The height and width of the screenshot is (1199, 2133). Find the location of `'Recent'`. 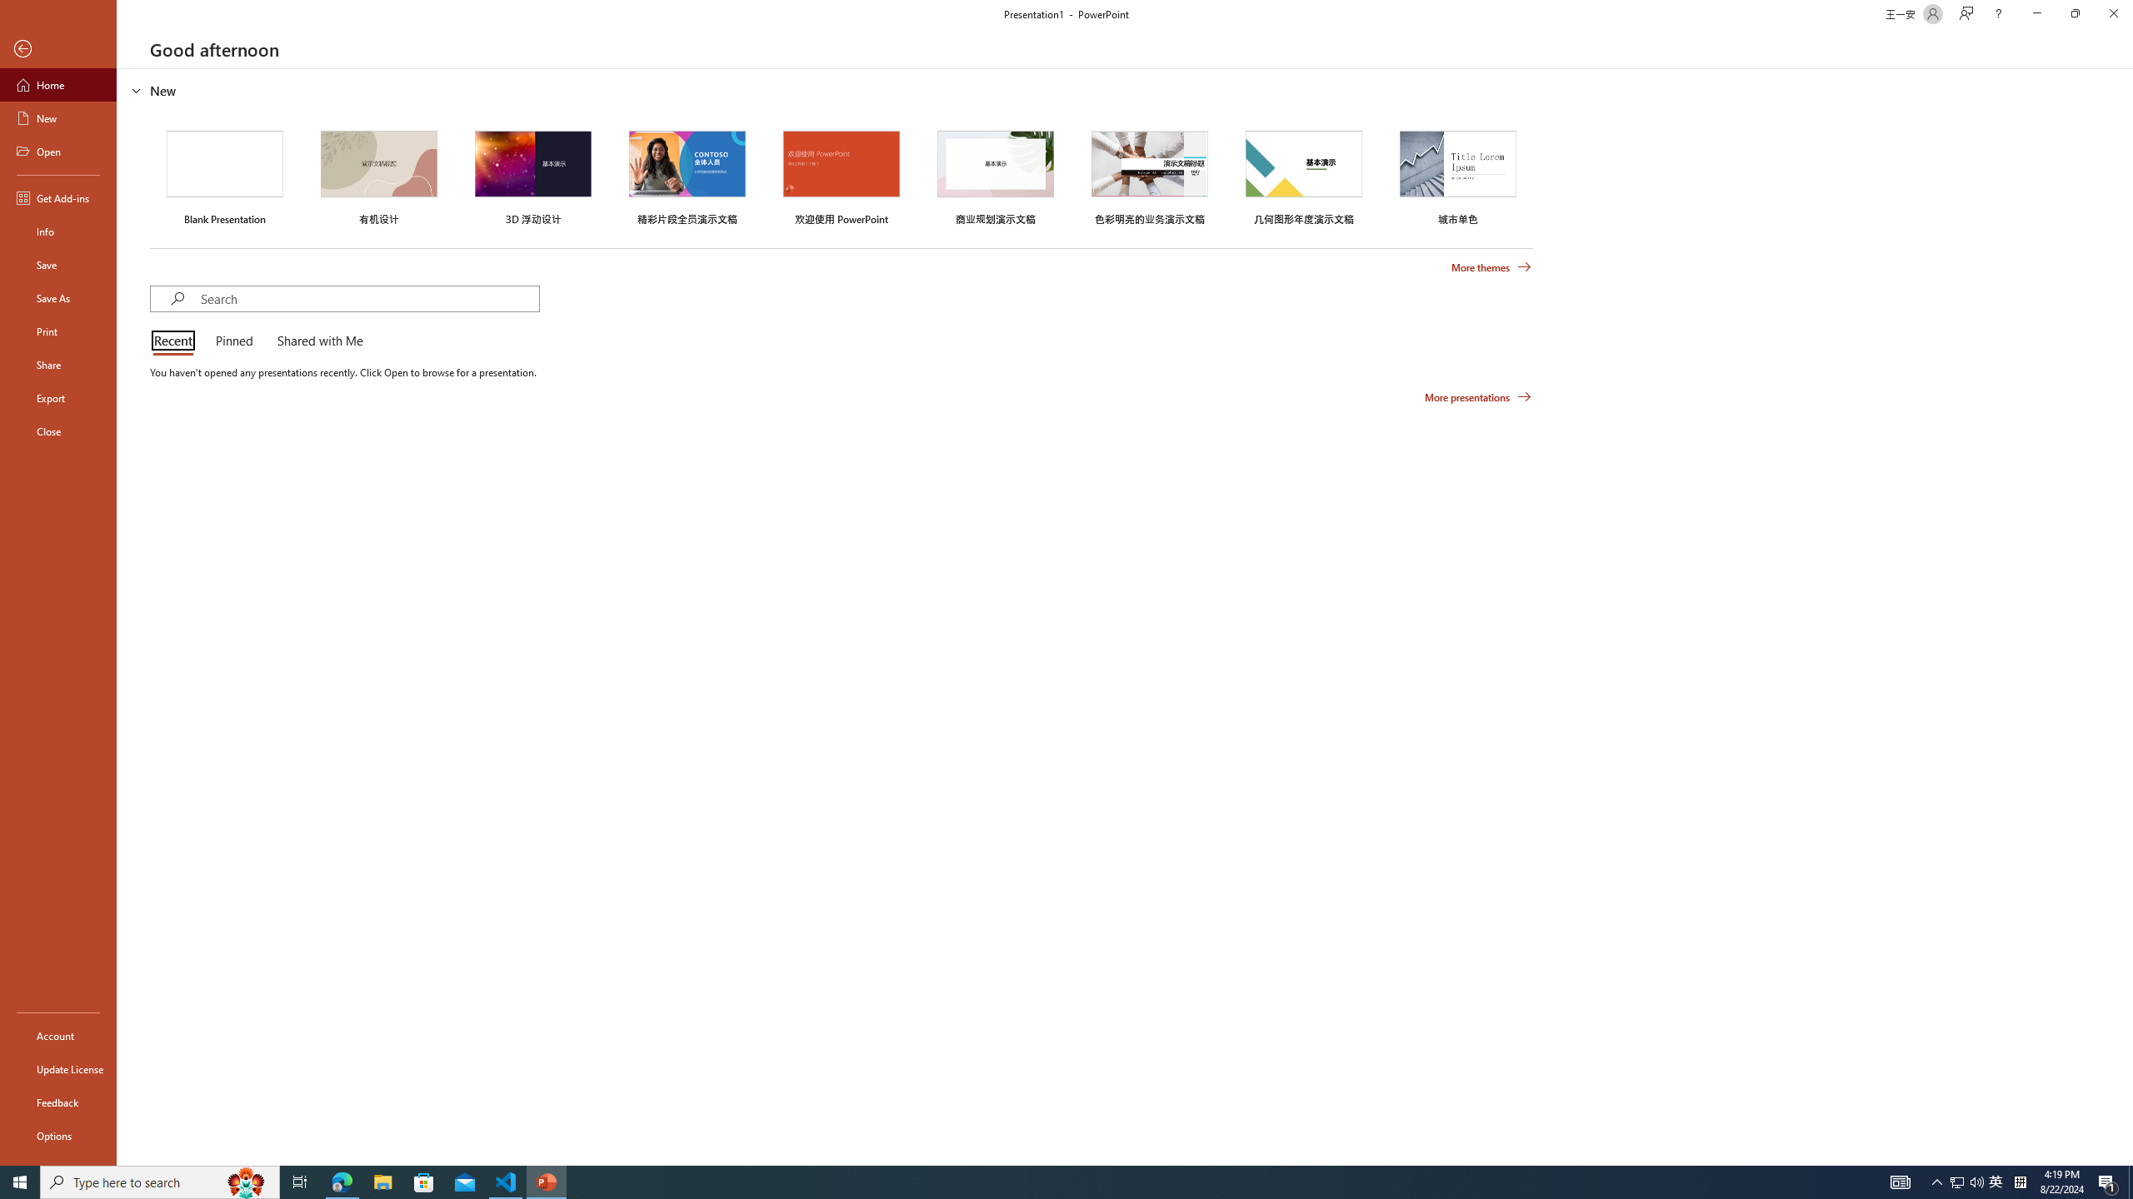

'Recent' is located at coordinates (176, 341).